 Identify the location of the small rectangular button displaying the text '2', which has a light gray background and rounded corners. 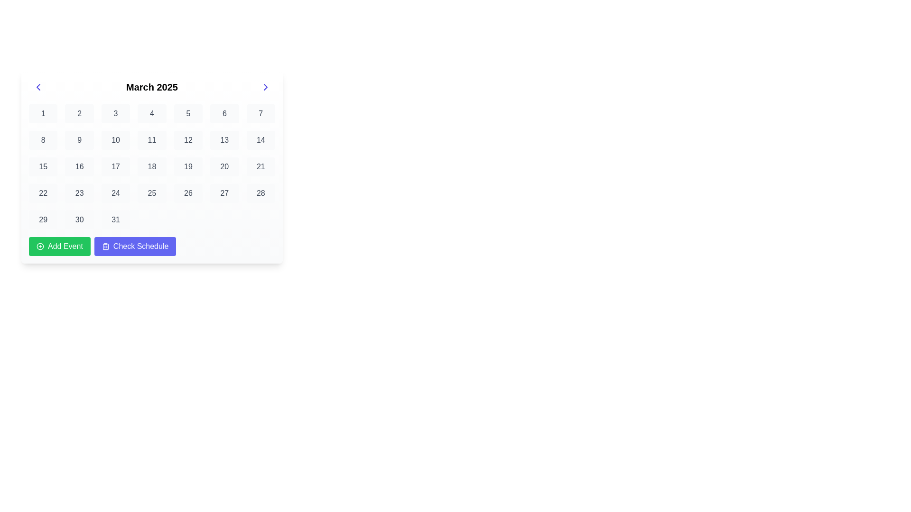
(79, 113).